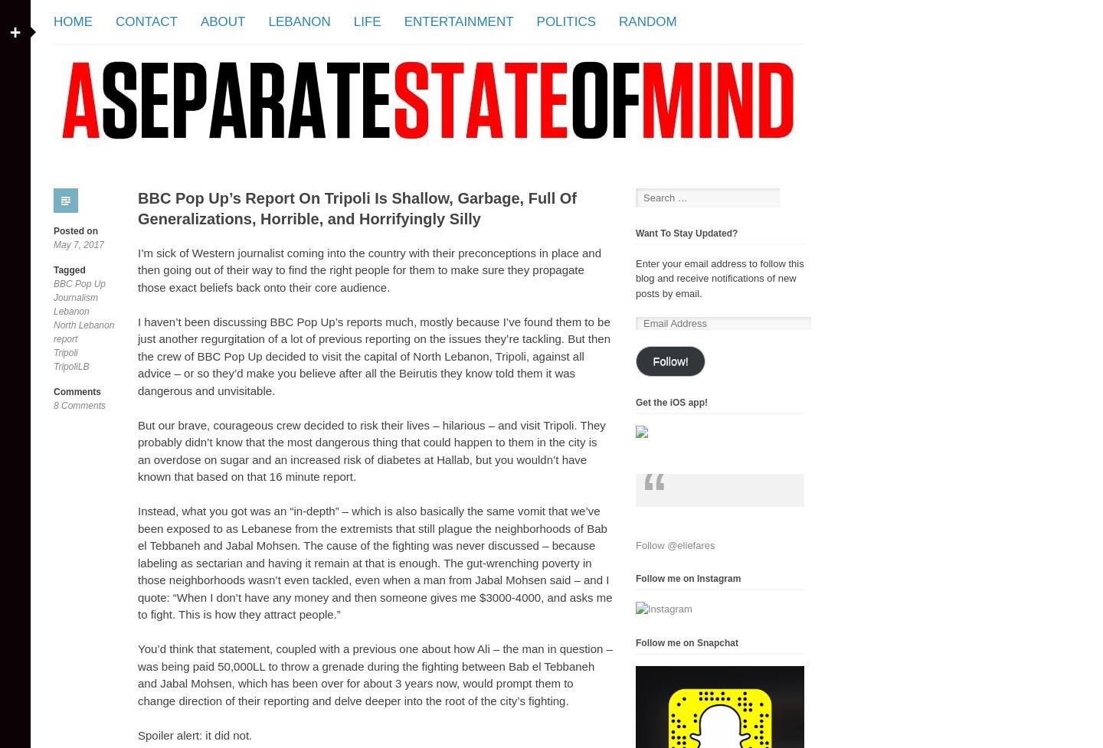  Describe the element at coordinates (669, 361) in the screenshot. I see `'Follow!'` at that location.